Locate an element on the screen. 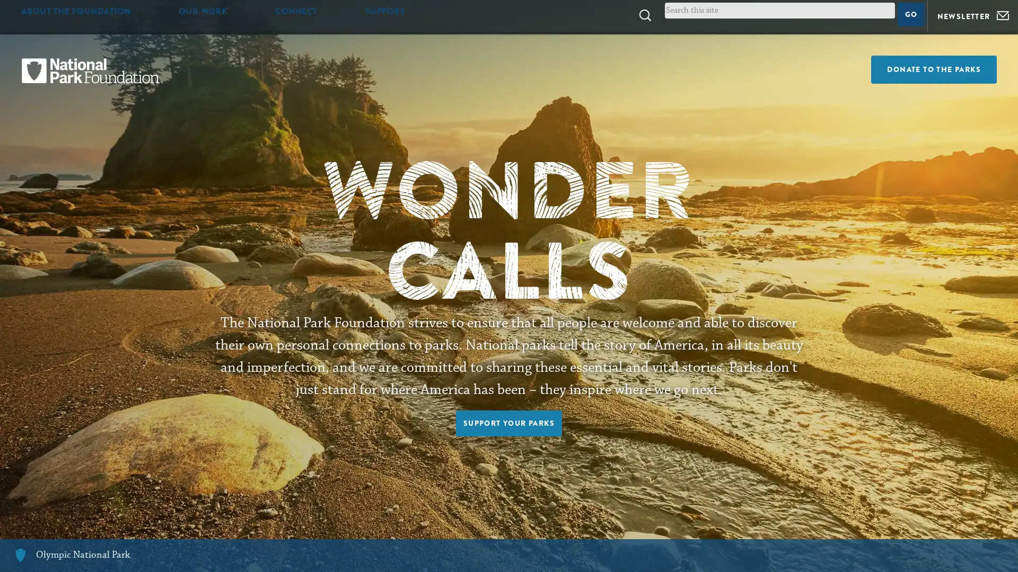 Image resolution: width=1018 pixels, height=572 pixels. Go is located at coordinates (916, 46).